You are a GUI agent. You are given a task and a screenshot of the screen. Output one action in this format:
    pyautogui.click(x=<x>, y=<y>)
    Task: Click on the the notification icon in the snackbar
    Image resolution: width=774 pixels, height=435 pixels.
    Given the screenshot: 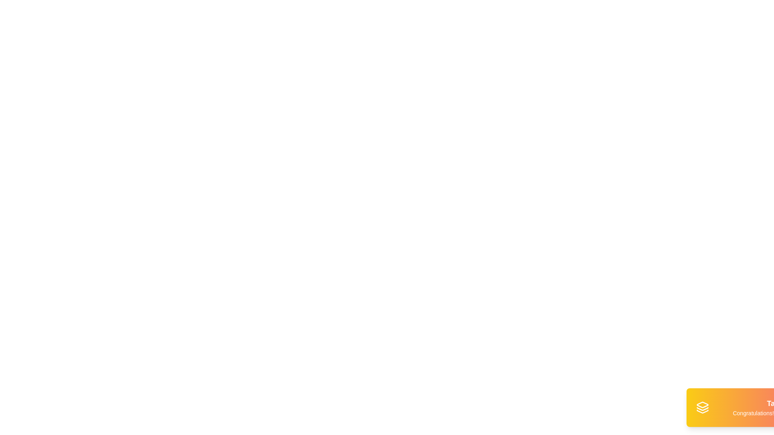 What is the action you would take?
    pyautogui.click(x=702, y=407)
    